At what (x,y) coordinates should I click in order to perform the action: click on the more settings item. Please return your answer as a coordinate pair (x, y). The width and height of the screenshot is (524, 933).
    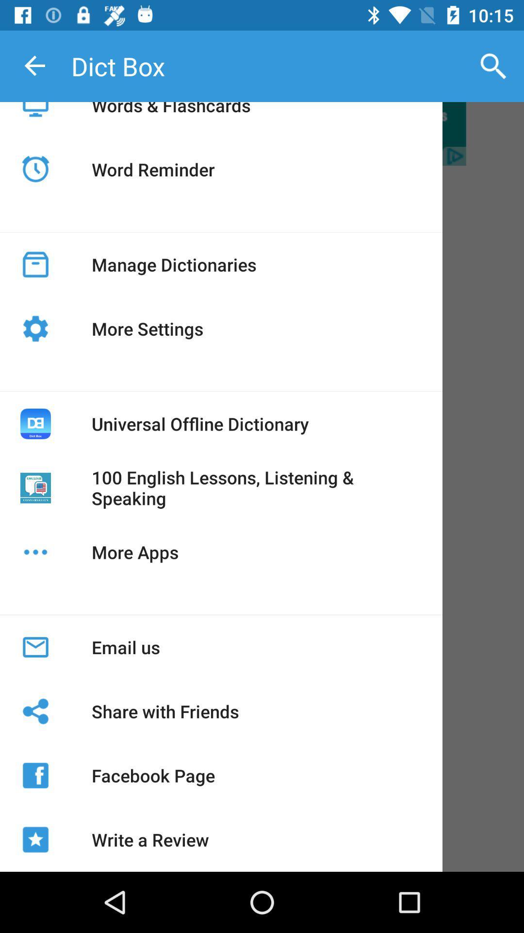
    Looking at the image, I should click on (147, 328).